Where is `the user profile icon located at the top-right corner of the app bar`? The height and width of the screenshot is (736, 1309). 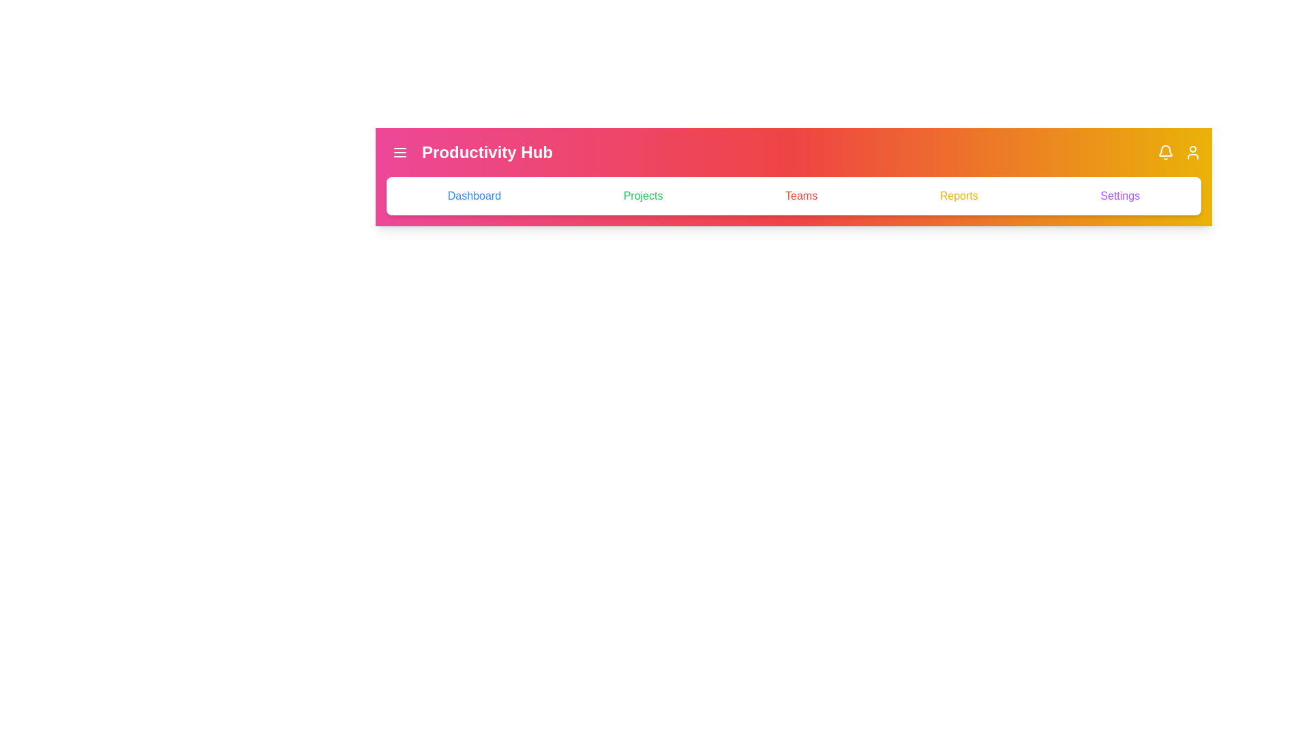 the user profile icon located at the top-right corner of the app bar is located at coordinates (1192, 152).